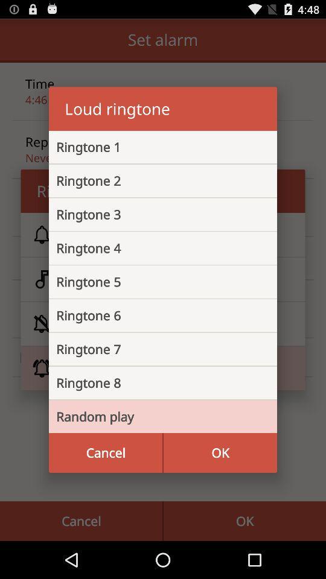 The height and width of the screenshot is (579, 326). I want to click on ringtone 3 item, so click(153, 214).